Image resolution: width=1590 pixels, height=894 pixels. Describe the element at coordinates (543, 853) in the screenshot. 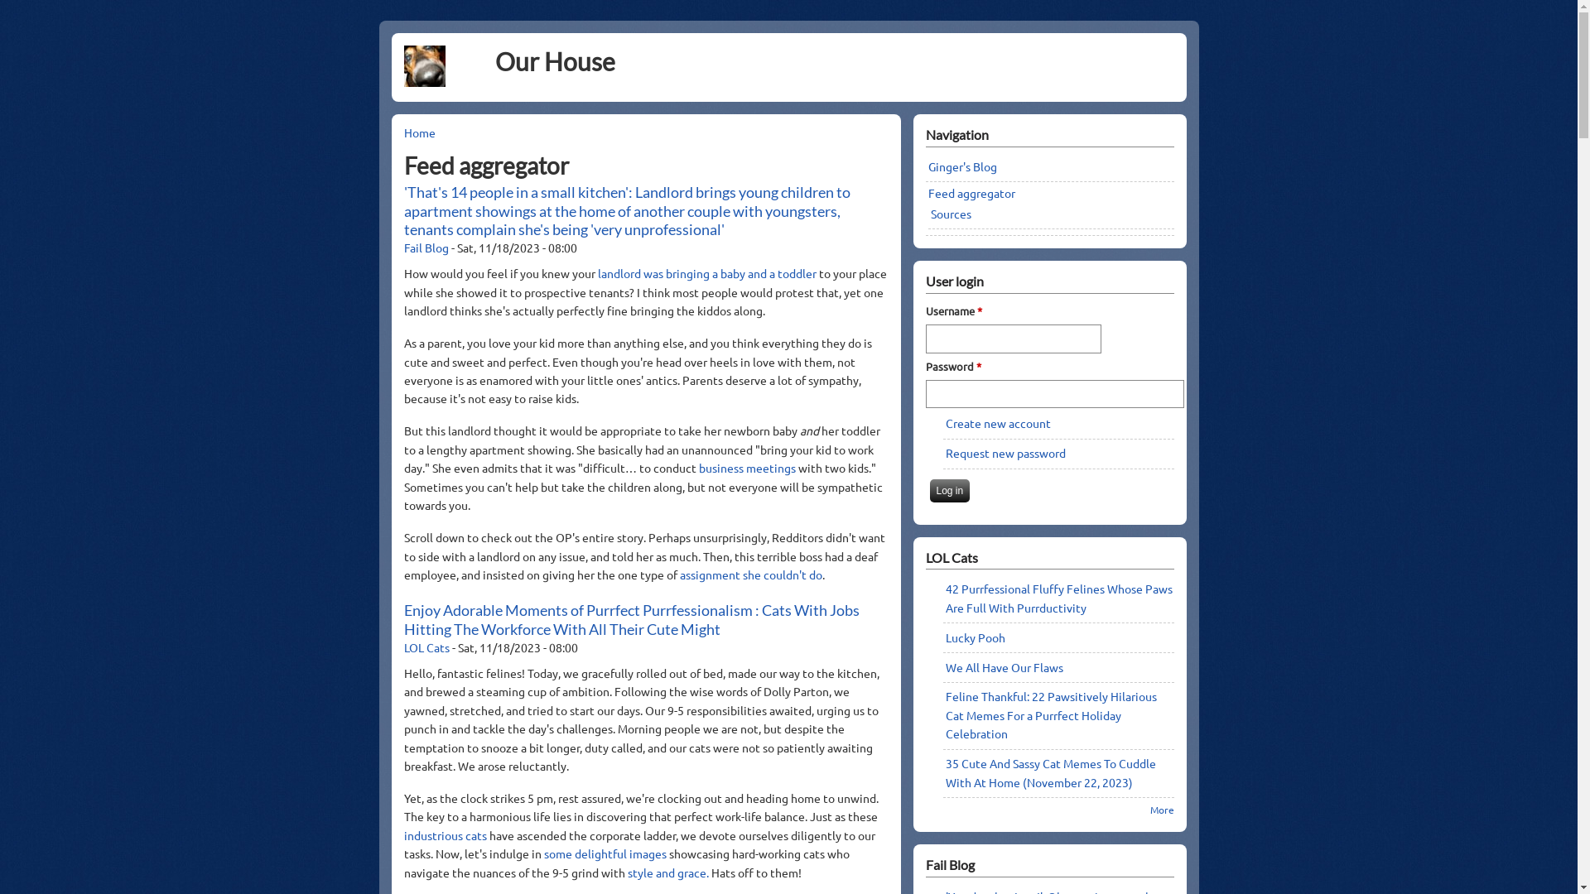

I see `'some delightful images'` at that location.